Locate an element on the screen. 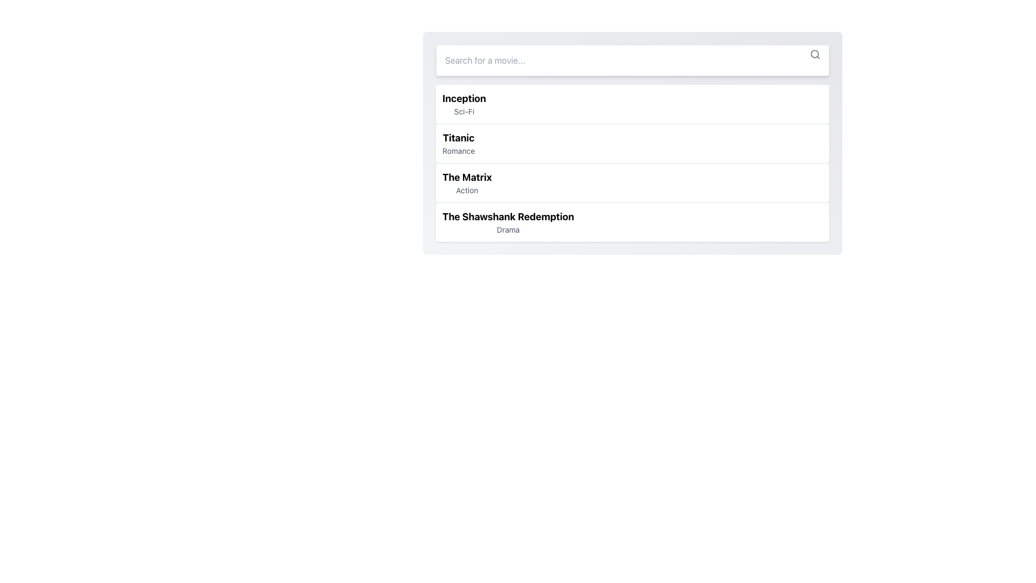 This screenshot has width=1036, height=583. the non-interactive placeholder list item representing the movie 'Titanic' in the vertical list of selection options, located below 'Inception' and above 'The Matrix.' is located at coordinates (632, 143).